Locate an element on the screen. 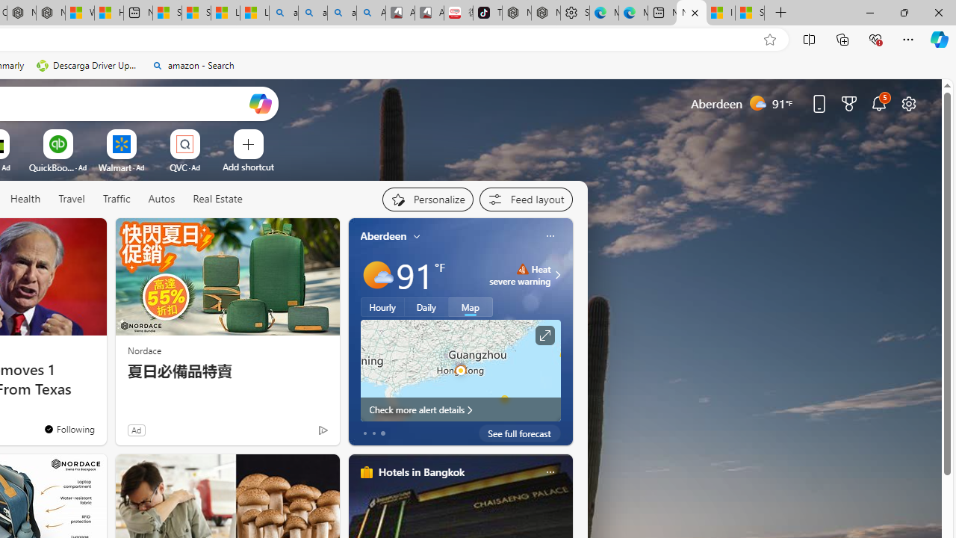  'Heat - Severe Heat severe warning' is located at coordinates (520, 274).